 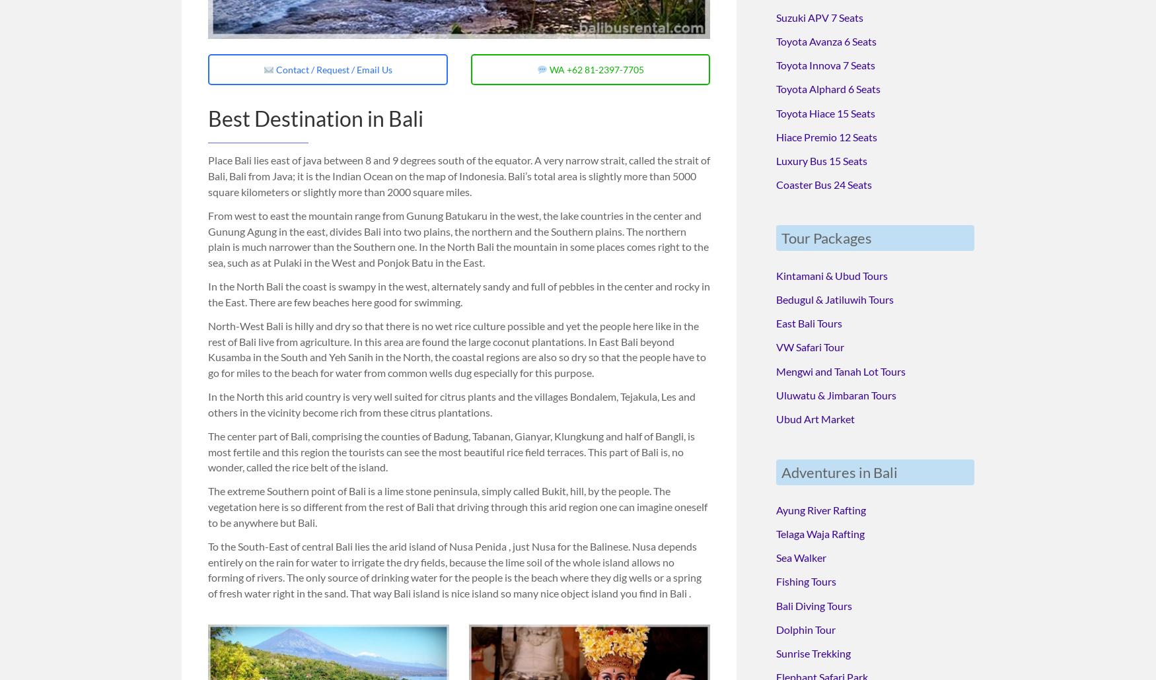 What do you see at coordinates (819, 16) in the screenshot?
I see `'Suzuki APV 7 Seats'` at bounding box center [819, 16].